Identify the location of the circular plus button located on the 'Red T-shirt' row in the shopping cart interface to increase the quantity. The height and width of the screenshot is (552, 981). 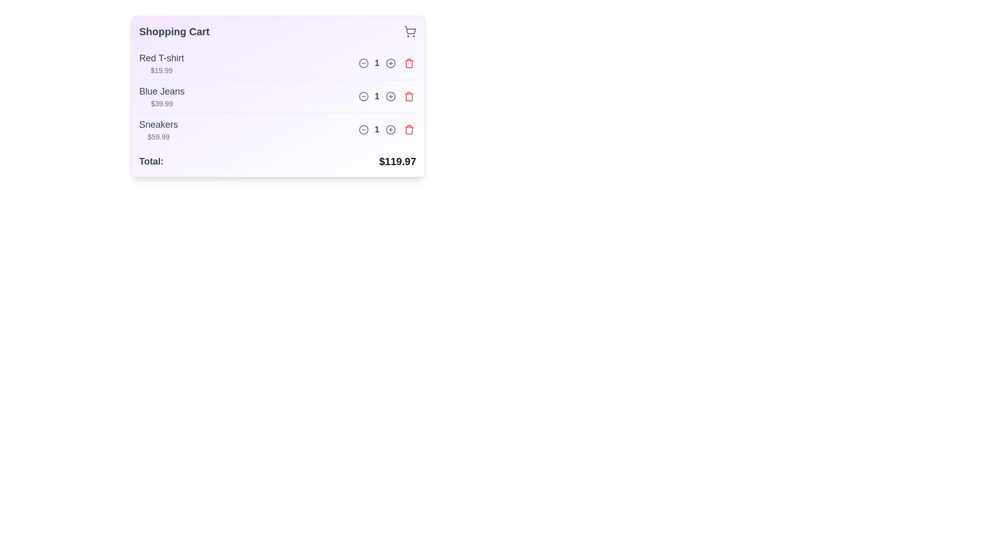
(390, 63).